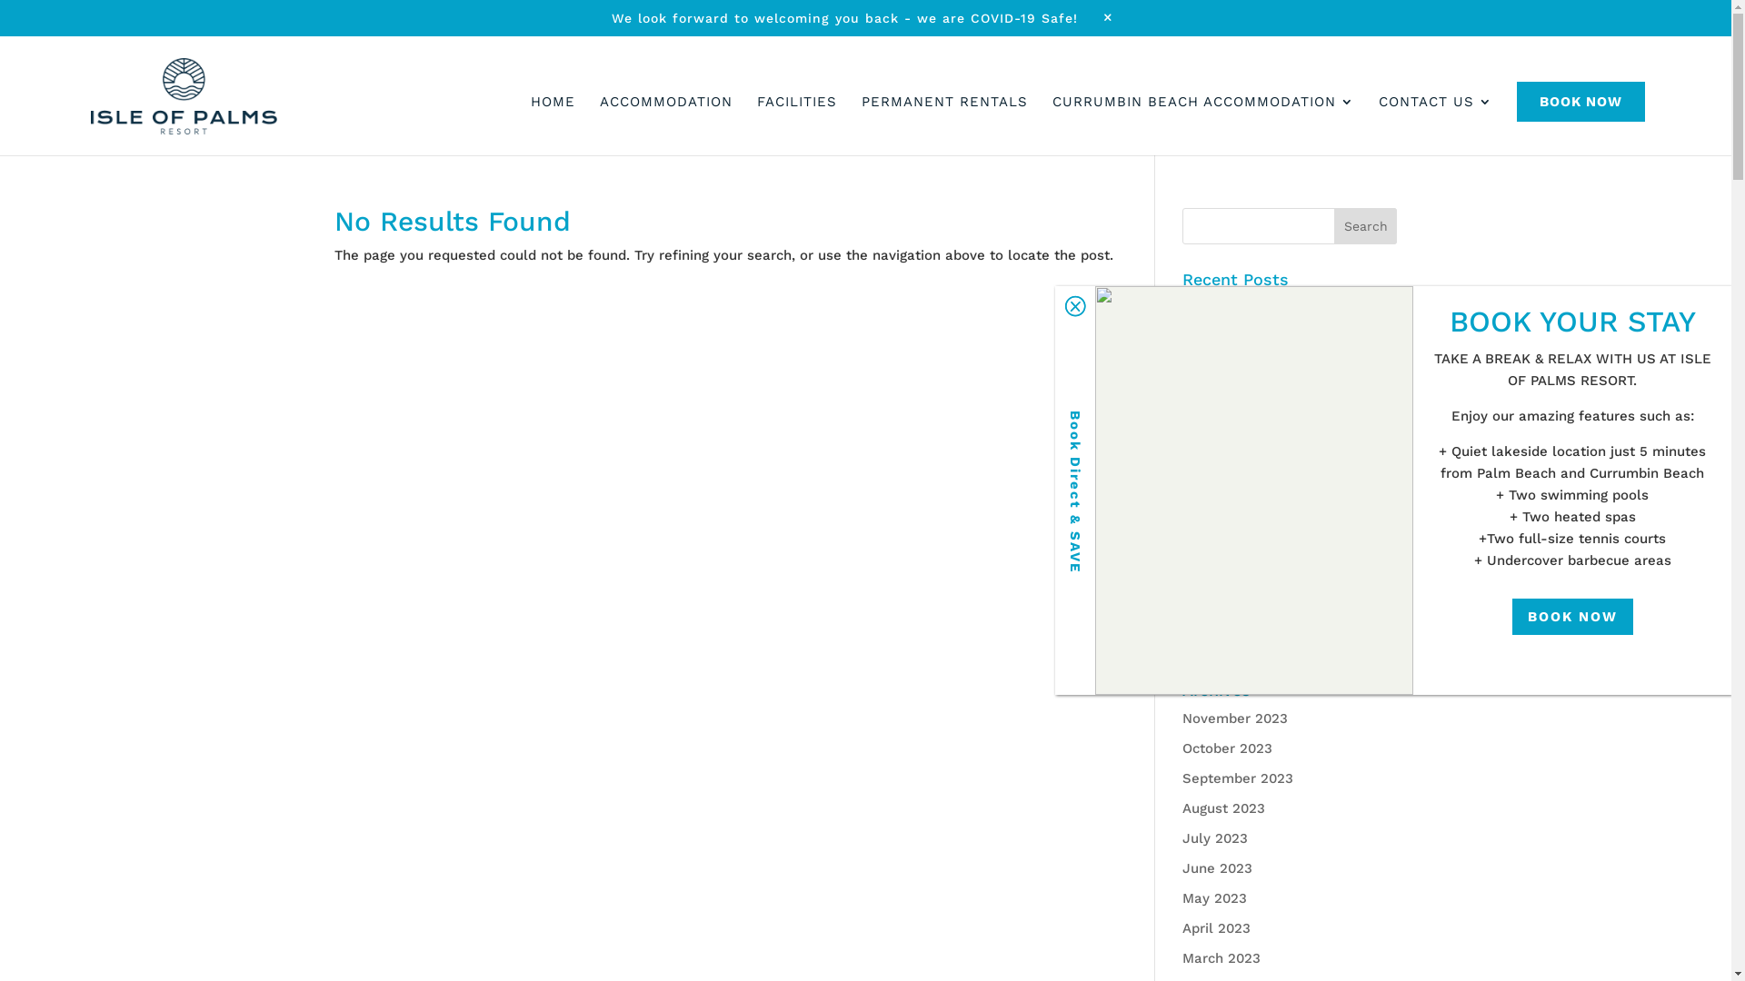  What do you see at coordinates (552, 111) in the screenshot?
I see `'HOME'` at bounding box center [552, 111].